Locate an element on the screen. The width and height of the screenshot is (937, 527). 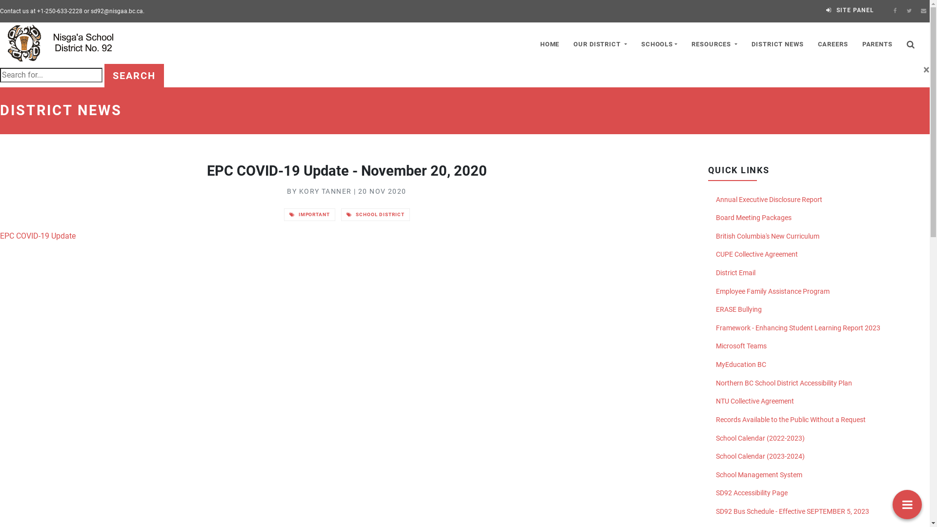
'Employee Family Assistance Program' is located at coordinates (708, 291).